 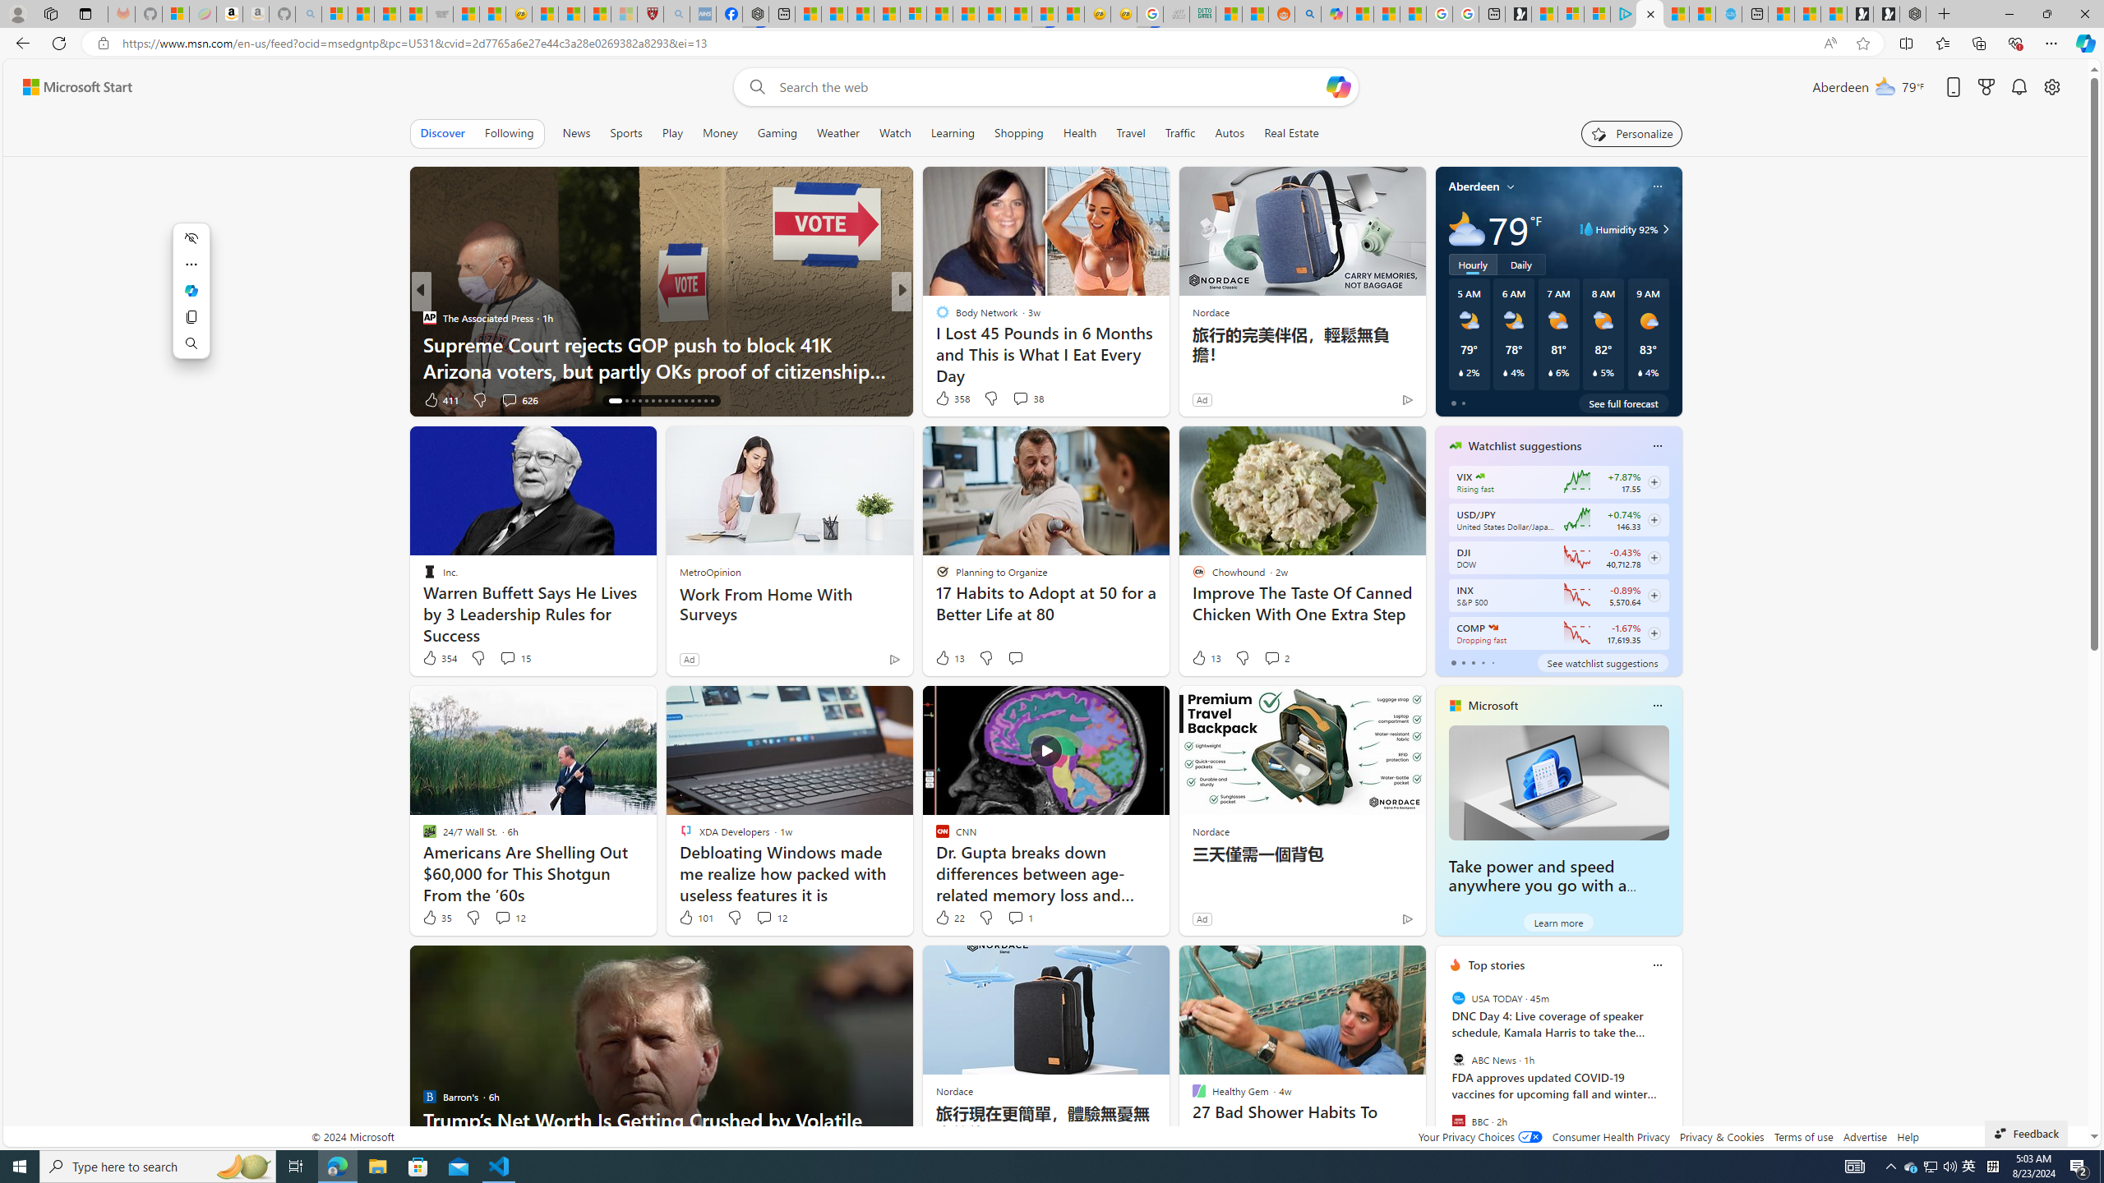 I want to click on 'tab-3', so click(x=1481, y=663).